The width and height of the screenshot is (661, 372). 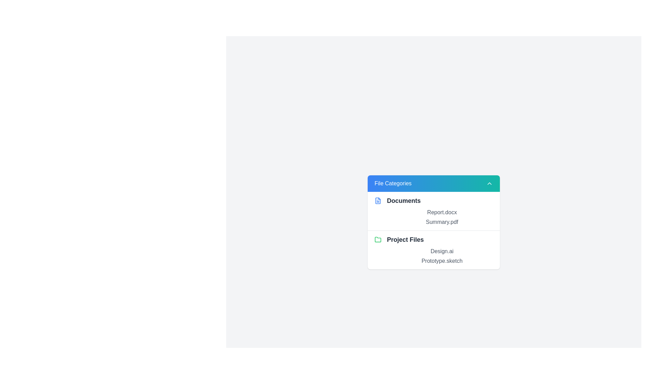 I want to click on the text label representing the file 'Prototype.sketch', so click(x=442, y=260).